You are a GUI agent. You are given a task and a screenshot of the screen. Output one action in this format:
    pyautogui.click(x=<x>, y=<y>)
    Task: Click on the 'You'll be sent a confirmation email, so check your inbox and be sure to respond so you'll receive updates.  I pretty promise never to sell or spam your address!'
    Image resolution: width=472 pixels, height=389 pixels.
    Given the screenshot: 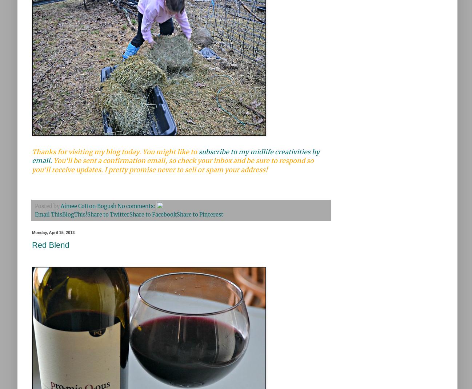 What is the action you would take?
    pyautogui.click(x=173, y=165)
    